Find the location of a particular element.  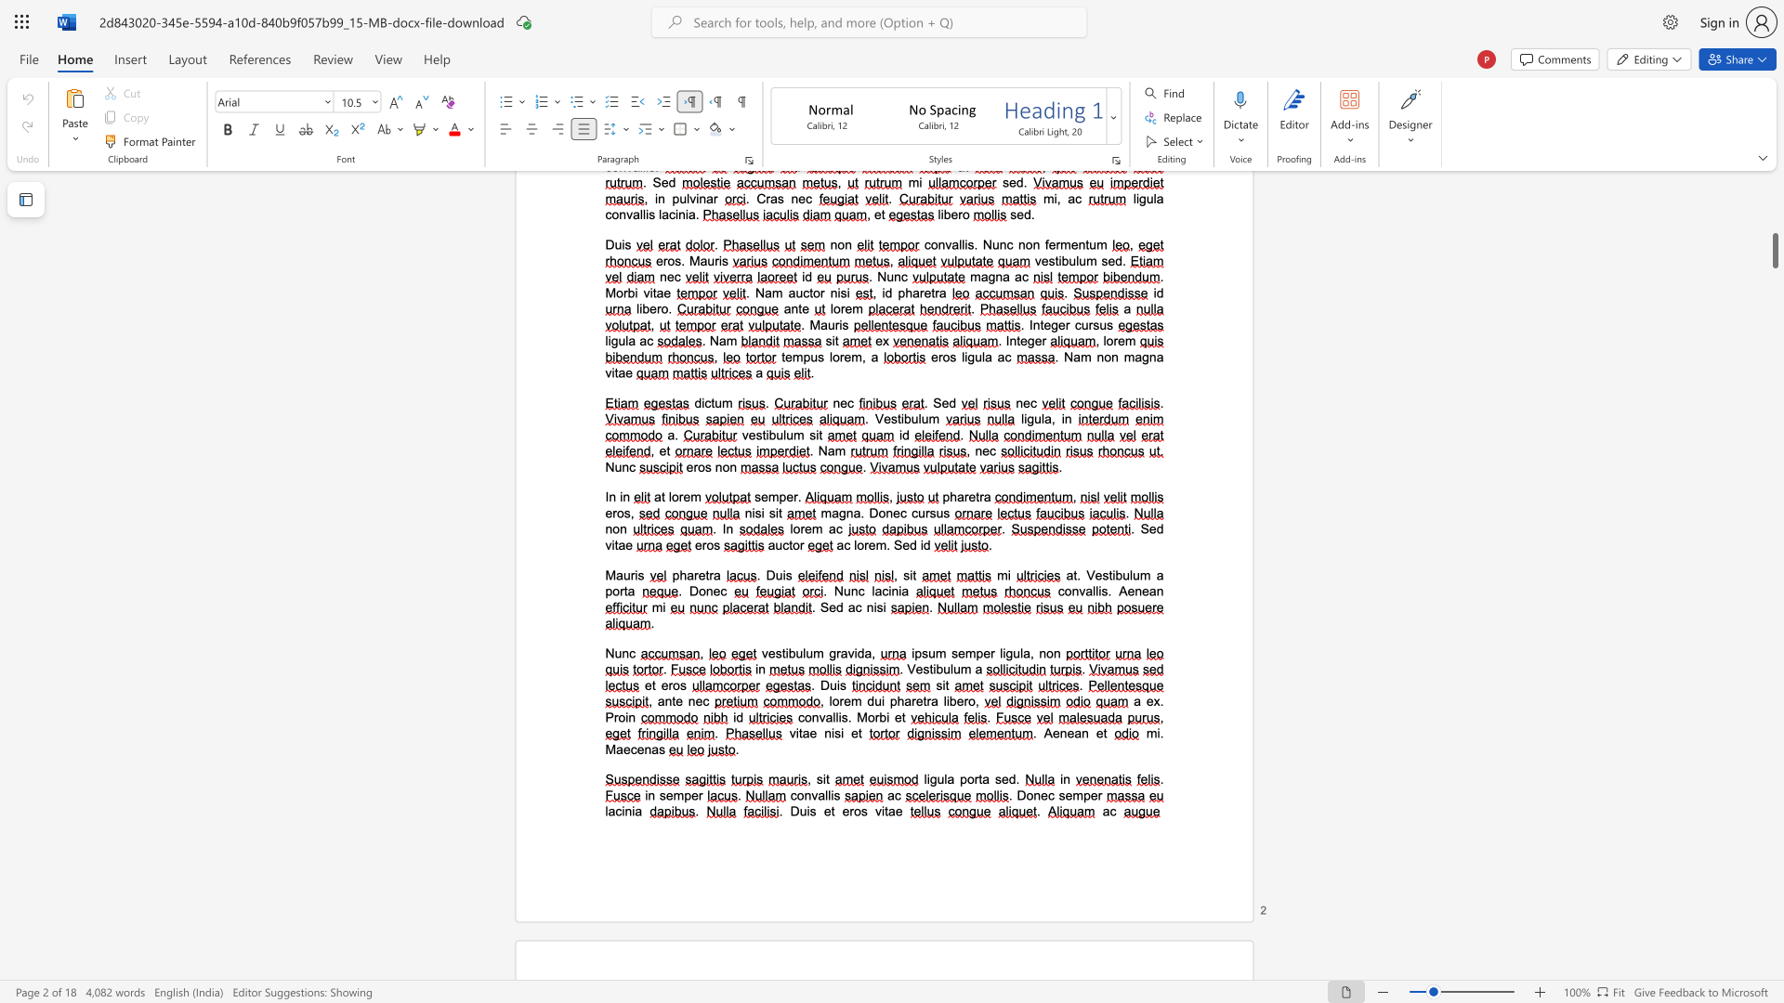

the 1th character "a" in the text is located at coordinates (977, 669).